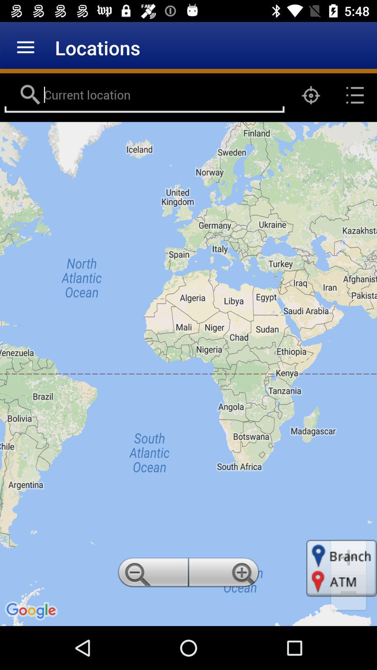 The width and height of the screenshot is (377, 670). Describe the element at coordinates (355, 95) in the screenshot. I see `the list icon` at that location.